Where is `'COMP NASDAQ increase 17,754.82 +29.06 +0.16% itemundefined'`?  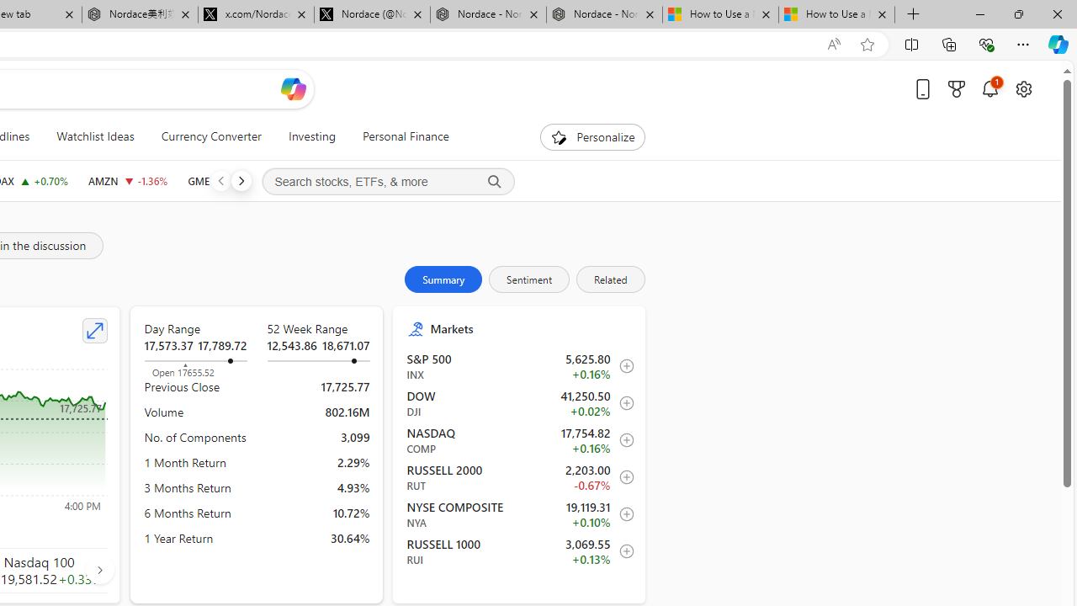 'COMP NASDAQ increase 17,754.82 +29.06 +0.16% itemundefined' is located at coordinates (518, 439).